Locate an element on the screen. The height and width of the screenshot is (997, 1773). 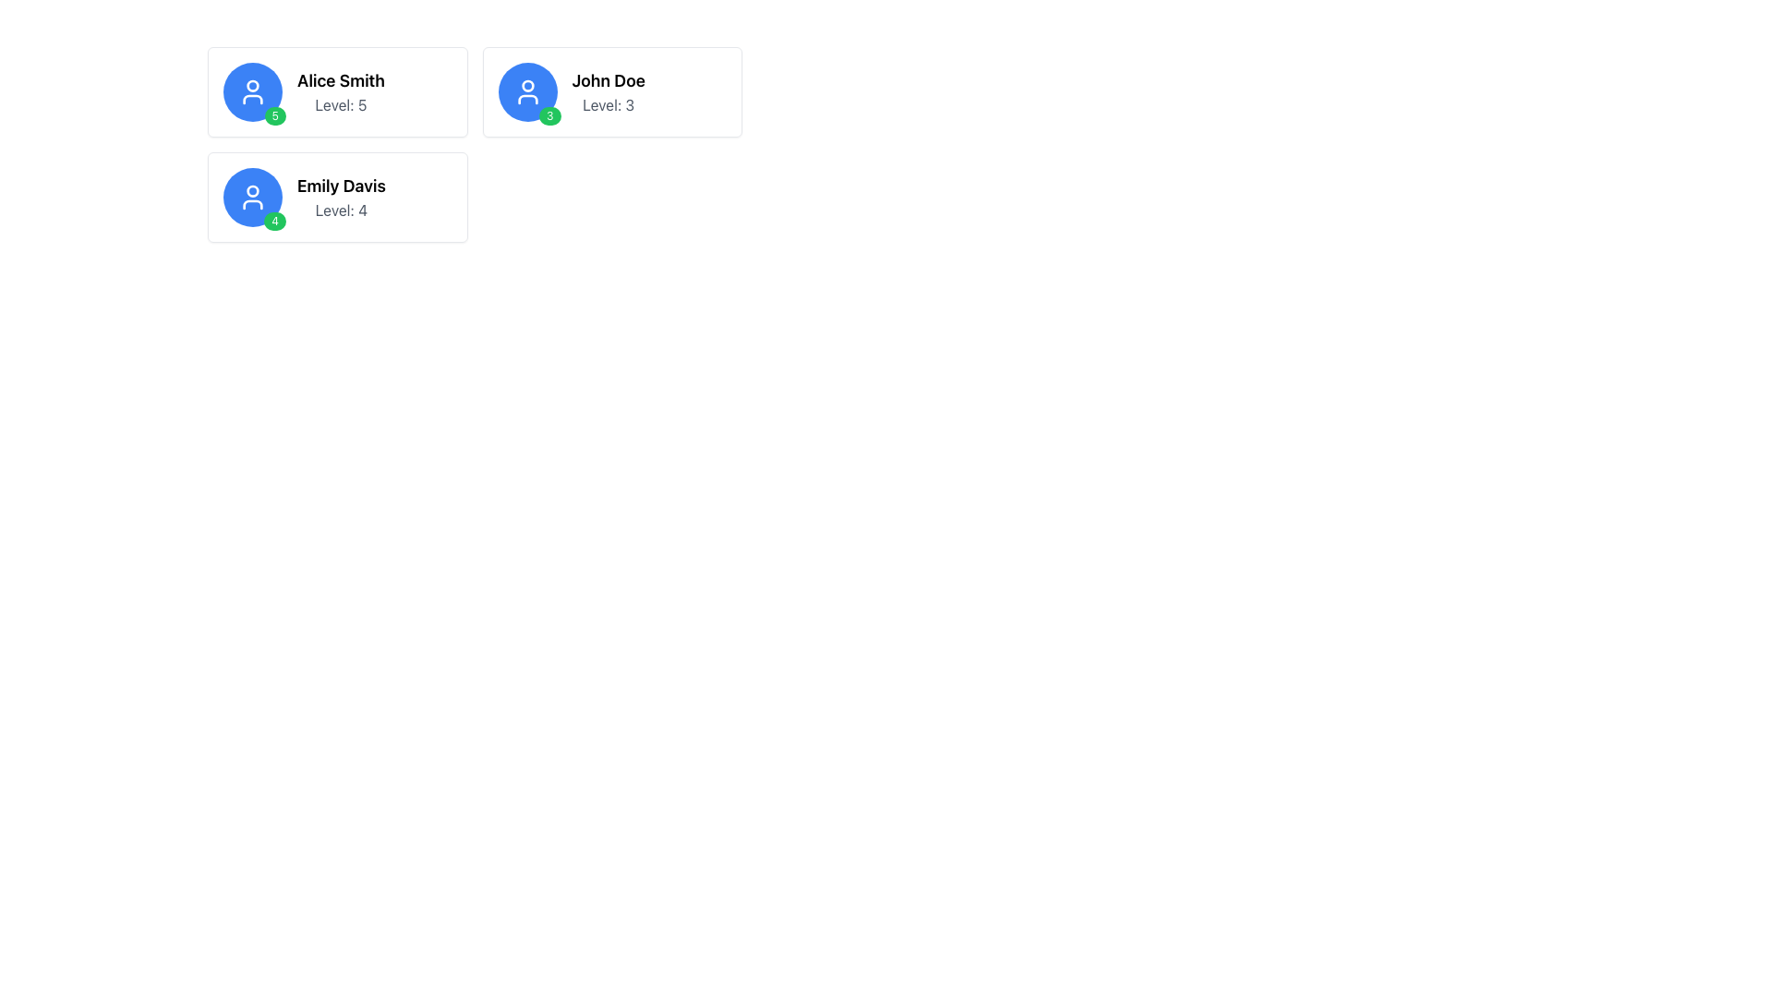
the Circle Shape representing the head within the user avatar icon on the card labeled 'Emily Davis Level: 4' located in the bottom-left of the grid is located at coordinates (251, 191).